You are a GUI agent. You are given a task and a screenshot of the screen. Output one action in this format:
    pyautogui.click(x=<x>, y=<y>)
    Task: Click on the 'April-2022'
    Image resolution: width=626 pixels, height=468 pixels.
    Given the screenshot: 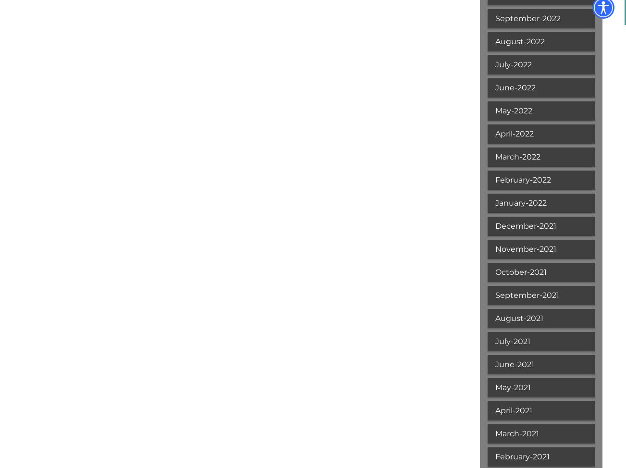 What is the action you would take?
    pyautogui.click(x=495, y=133)
    